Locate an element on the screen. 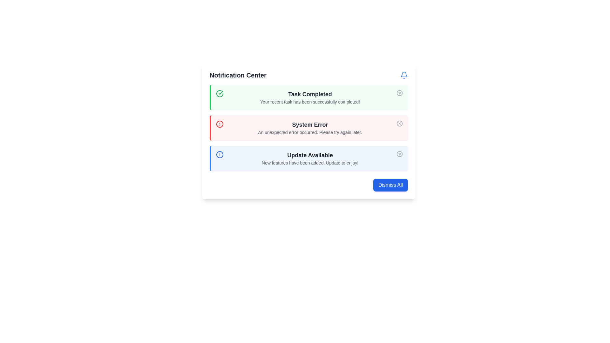 This screenshot has height=343, width=610. the text section displaying 'Update Available' to potentially trigger a tooltip or highlight is located at coordinates (310, 158).